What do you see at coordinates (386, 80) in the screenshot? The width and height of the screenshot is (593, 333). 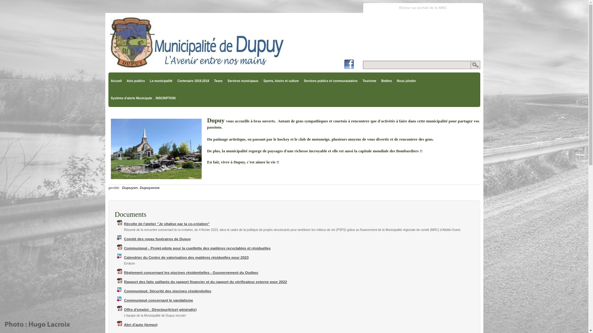 I see `'Bottins'` at bounding box center [386, 80].